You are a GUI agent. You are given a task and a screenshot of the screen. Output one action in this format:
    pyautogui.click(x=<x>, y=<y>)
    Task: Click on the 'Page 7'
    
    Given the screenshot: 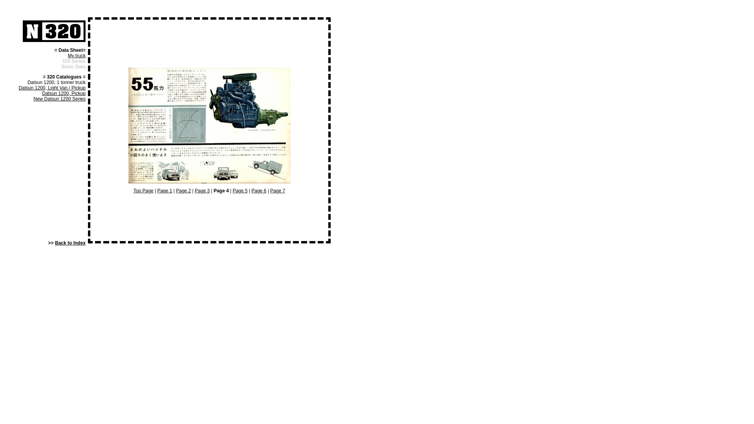 What is the action you would take?
    pyautogui.click(x=277, y=191)
    